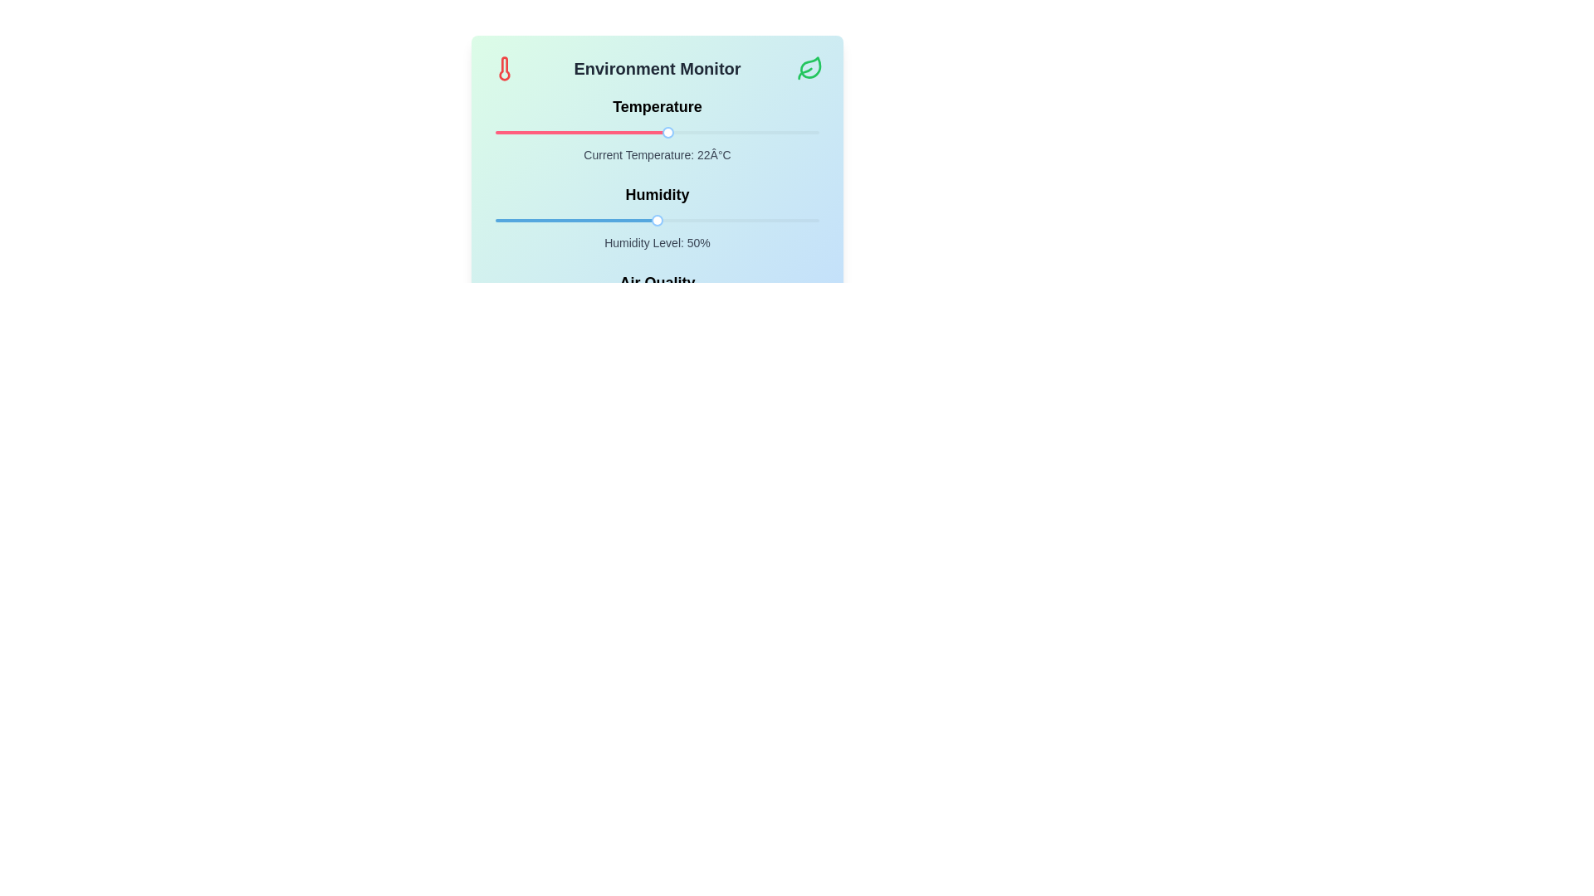 The width and height of the screenshot is (1594, 896). I want to click on slider value, so click(626, 220).